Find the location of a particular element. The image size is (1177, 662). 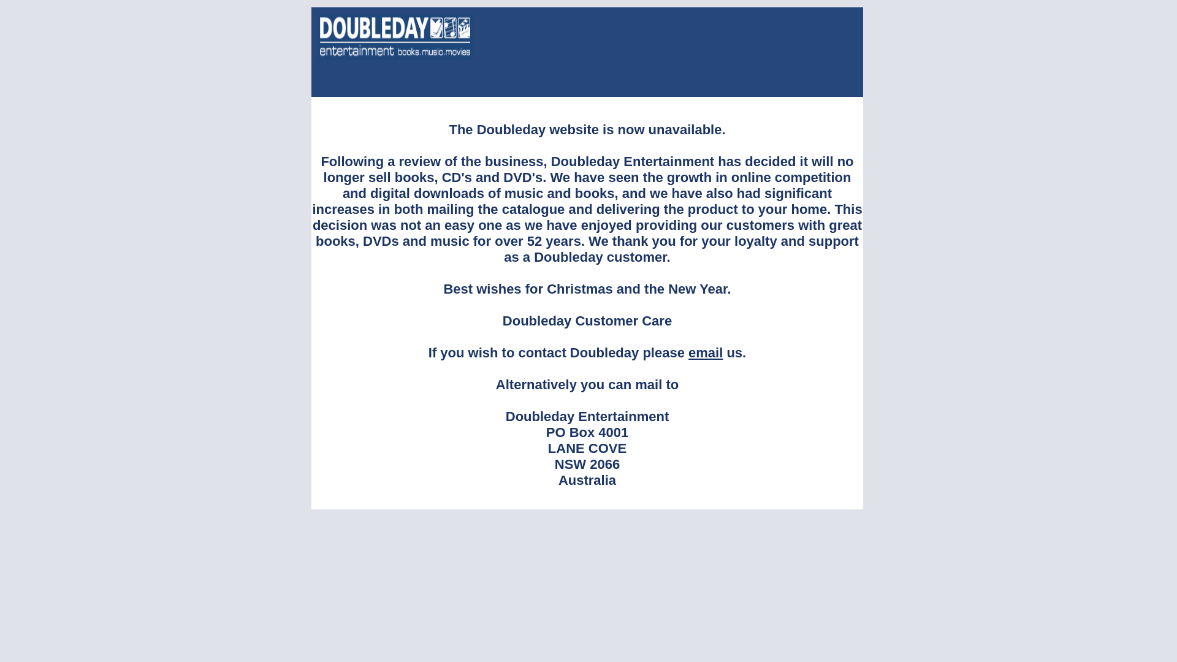

'email' is located at coordinates (706, 352).